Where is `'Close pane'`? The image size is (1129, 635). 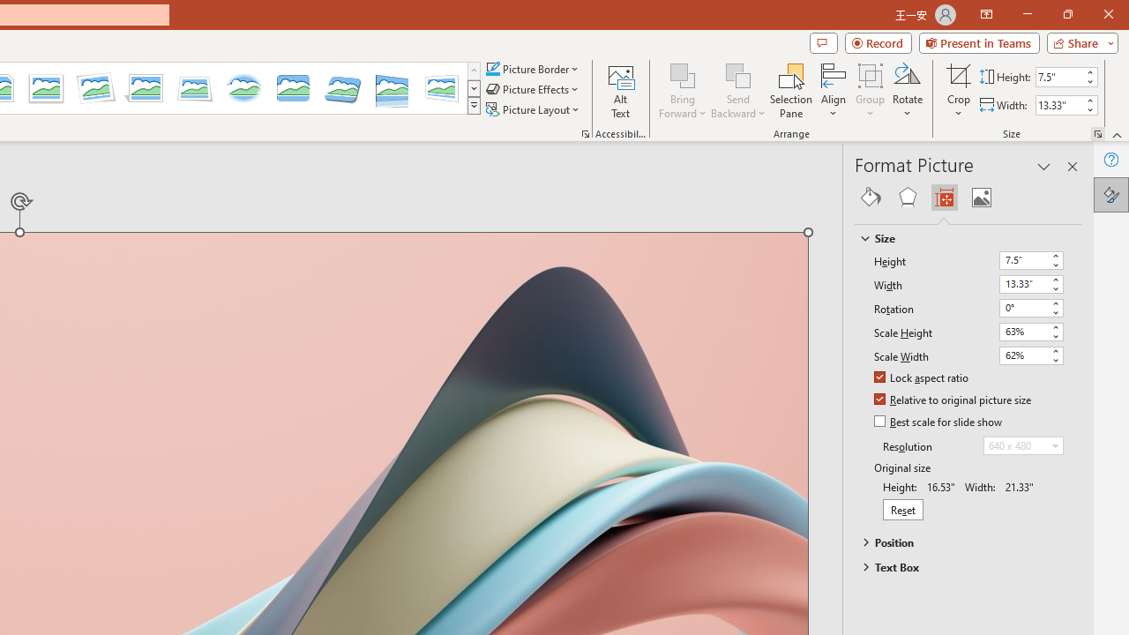
'Close pane' is located at coordinates (1072, 167).